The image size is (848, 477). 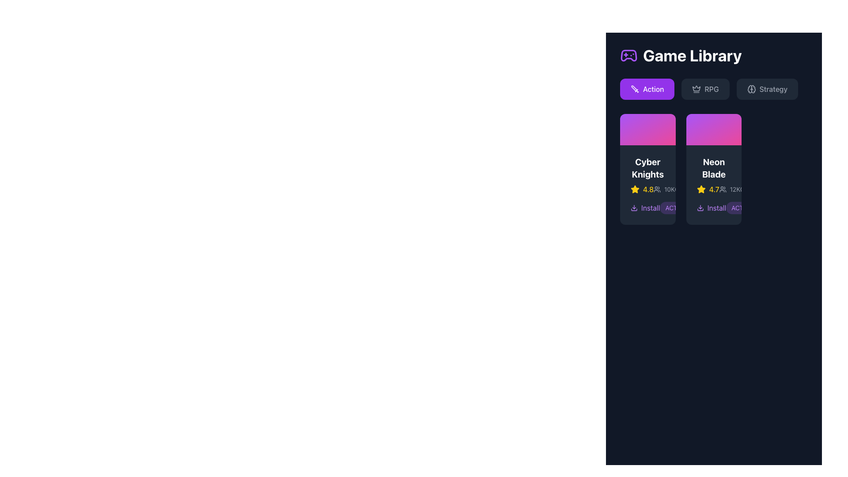 What do you see at coordinates (716, 208) in the screenshot?
I see `the 'Install' button styled as text in the second card for the game 'Neon Blade'` at bounding box center [716, 208].